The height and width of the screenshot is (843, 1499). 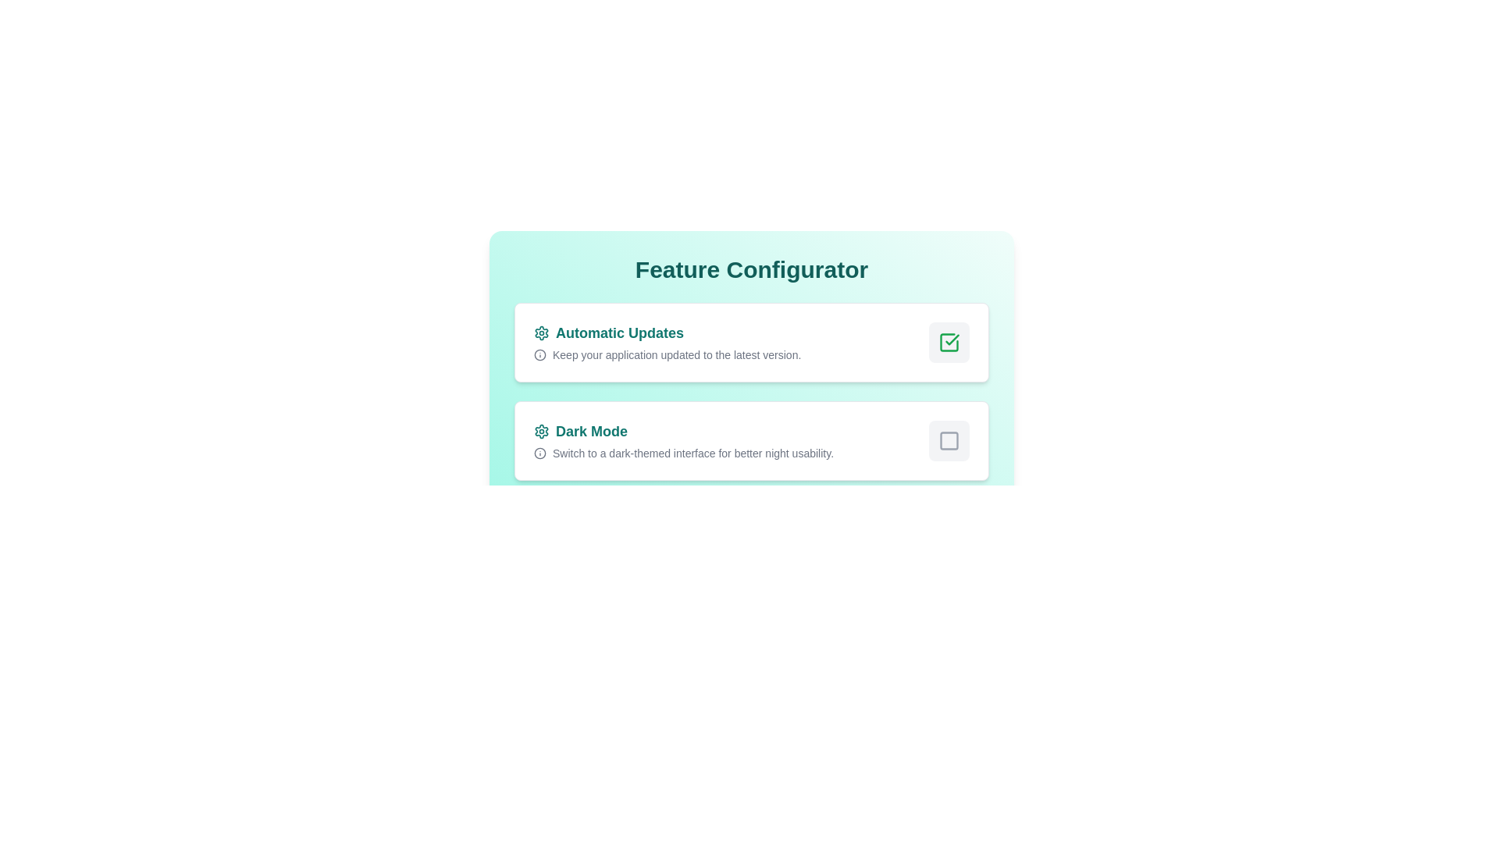 I want to click on the gear-like icon with a teal stroke color located to the left of the 'Dark Mode' label in the 'Feature Configurator' interface, so click(x=542, y=431).